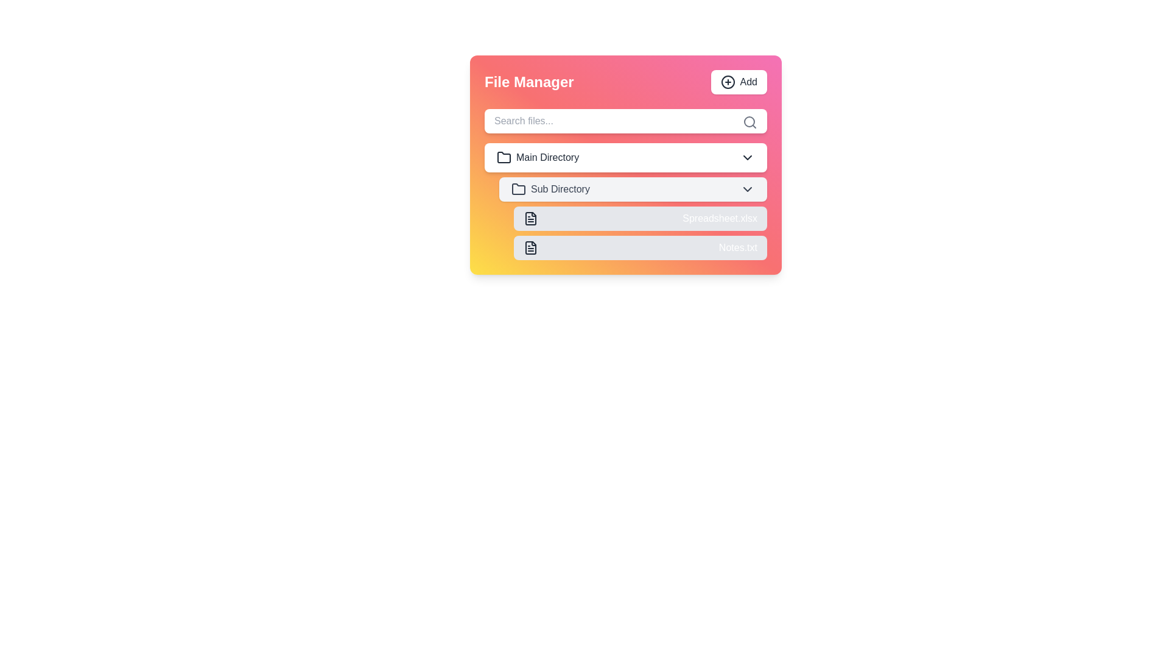 The width and height of the screenshot is (1169, 658). I want to click on the folder entry selector for 'Sub Directory', which is the second entry, so click(550, 189).